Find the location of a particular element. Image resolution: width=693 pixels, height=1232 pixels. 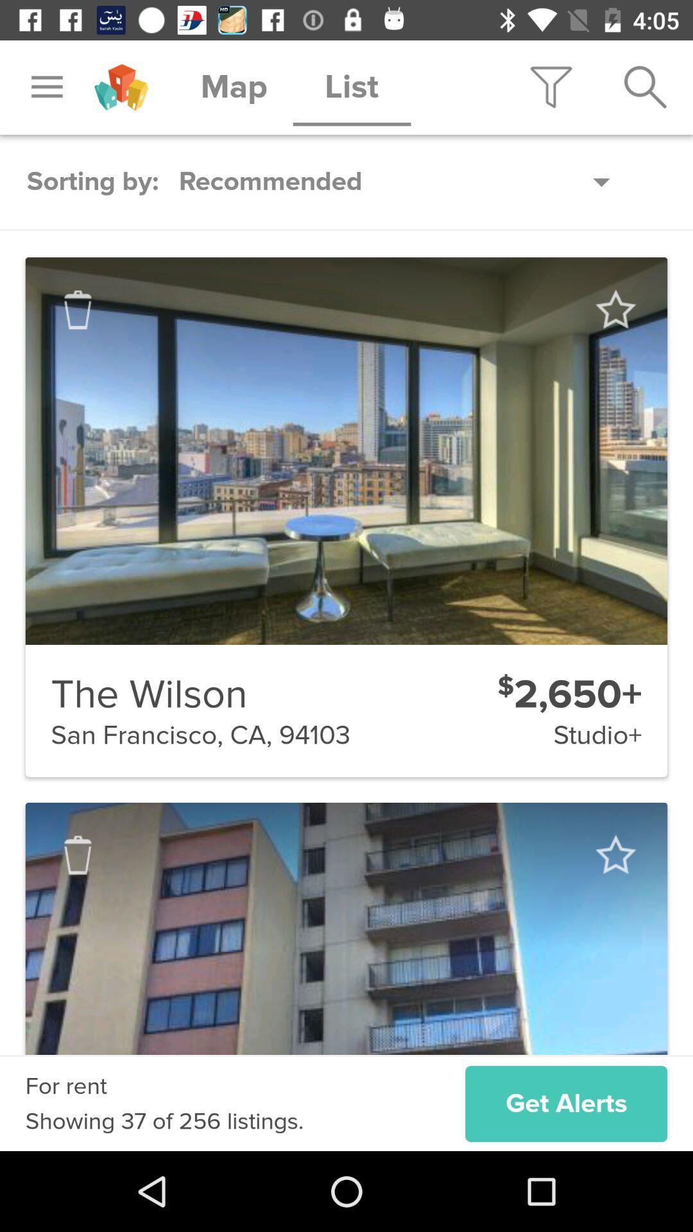

tap to leave this option in favorite is located at coordinates (614, 855).